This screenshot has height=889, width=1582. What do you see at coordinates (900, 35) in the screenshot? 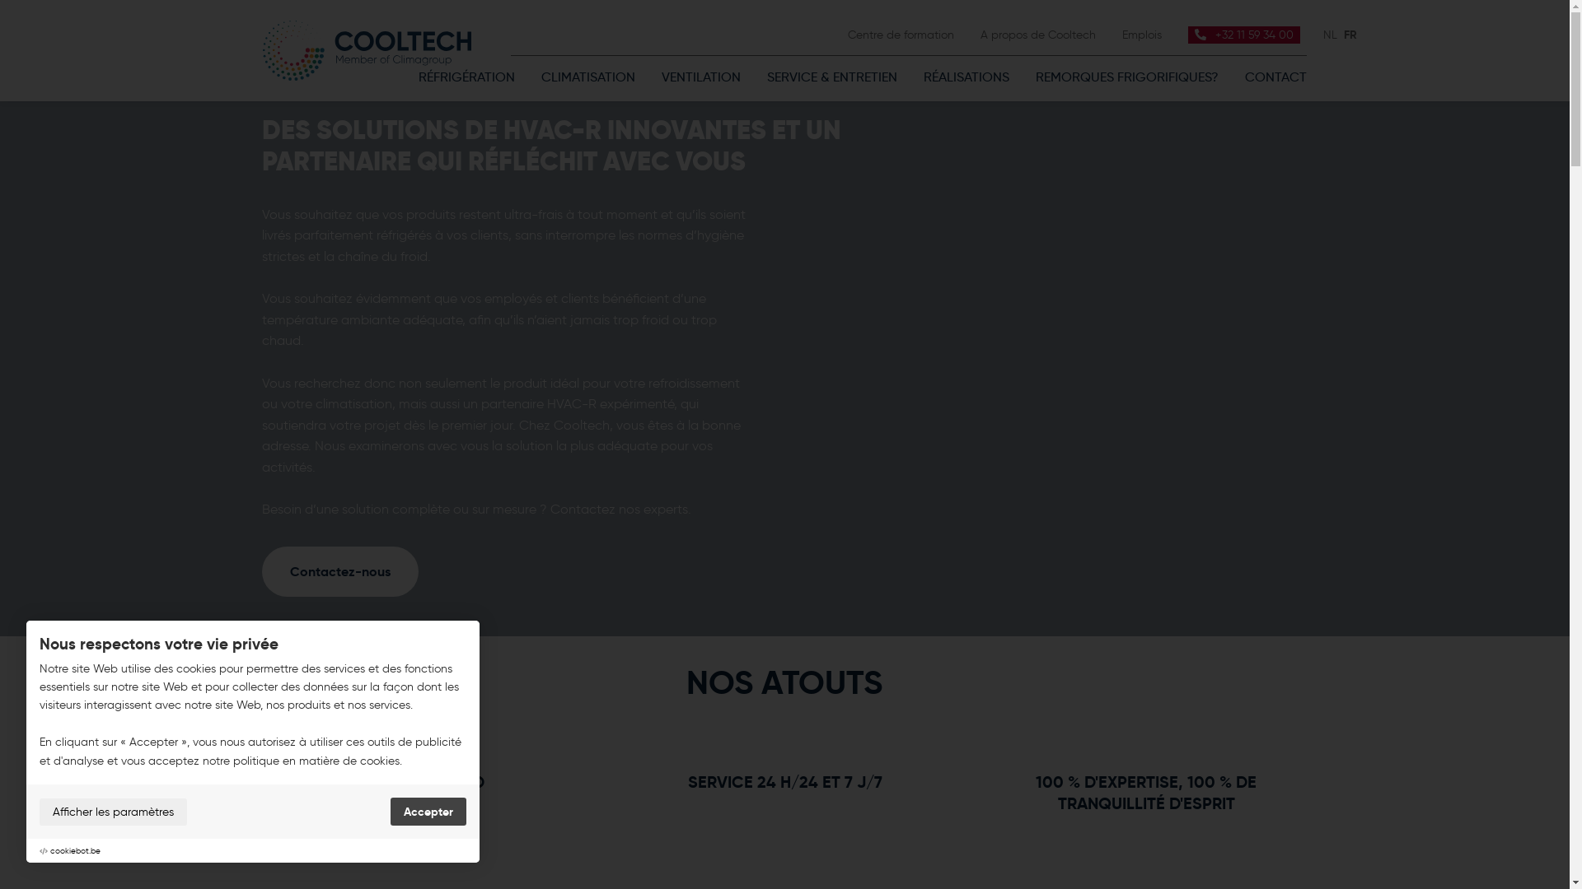
I see `'Centre de formation'` at bounding box center [900, 35].